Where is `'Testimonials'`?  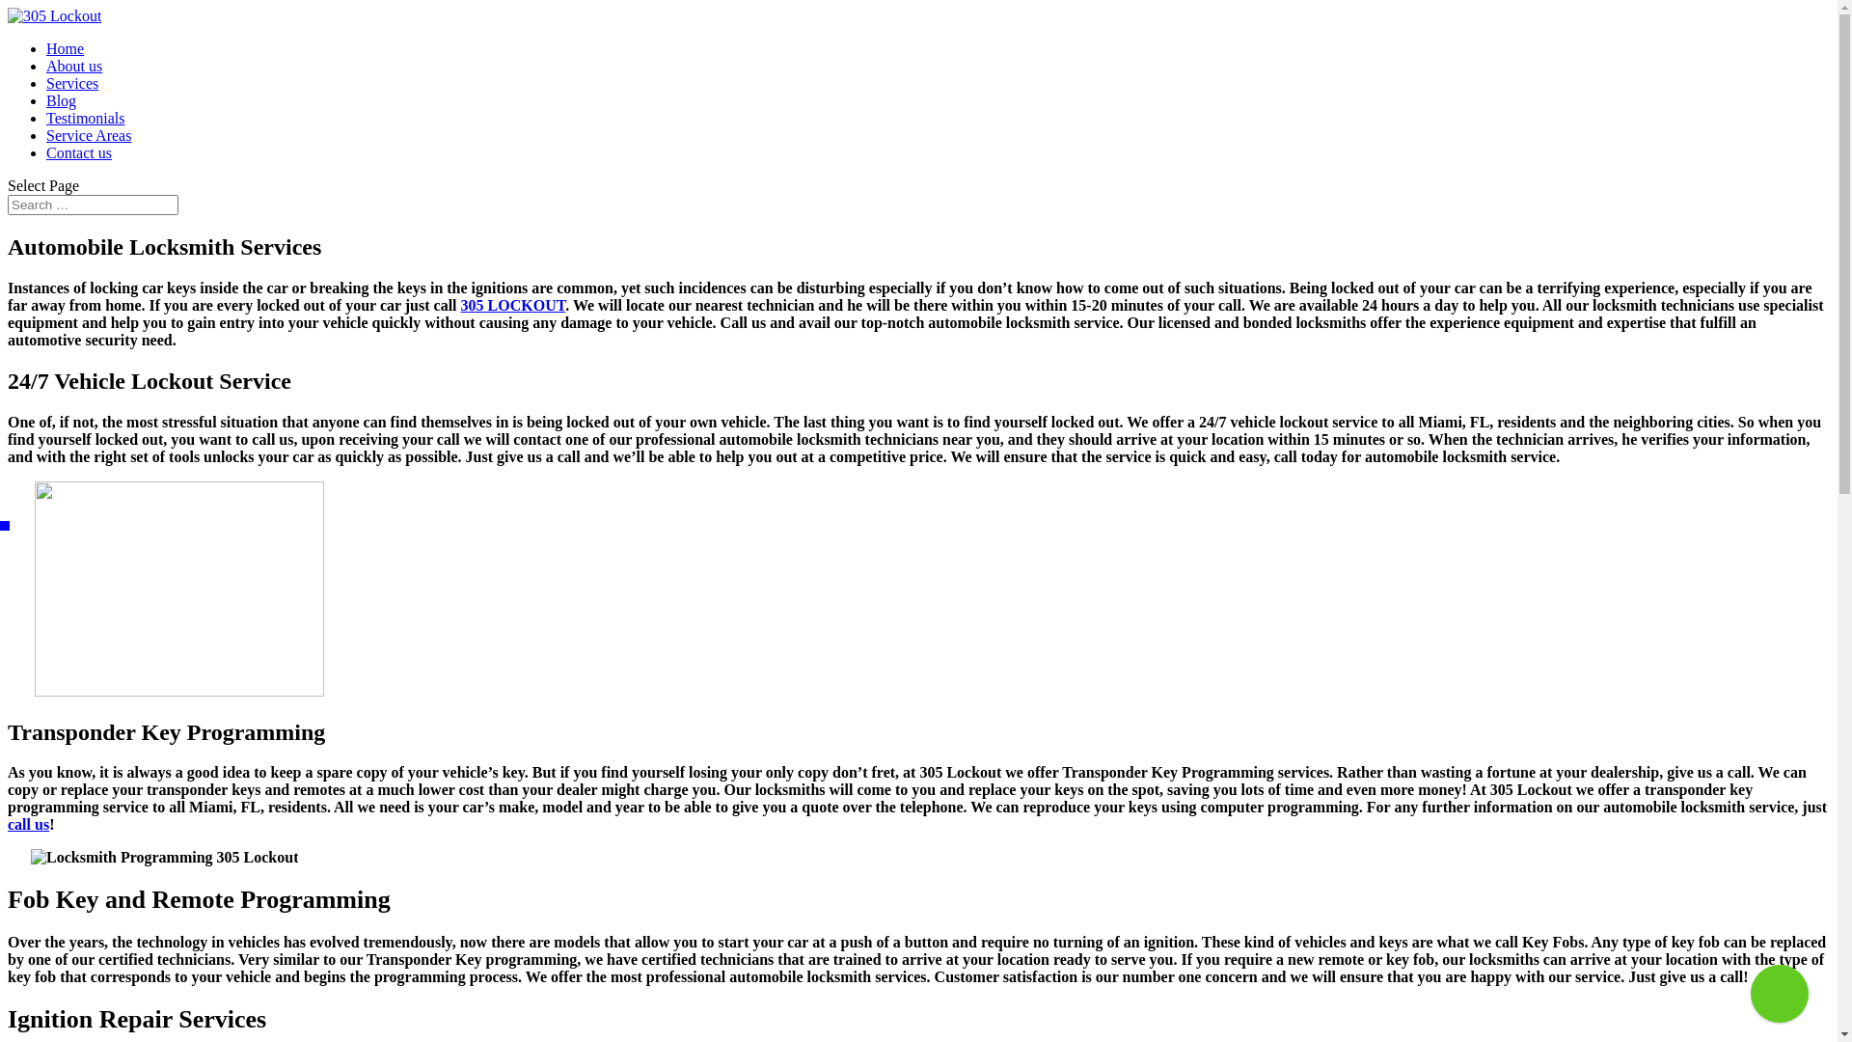
'Testimonials' is located at coordinates (85, 118).